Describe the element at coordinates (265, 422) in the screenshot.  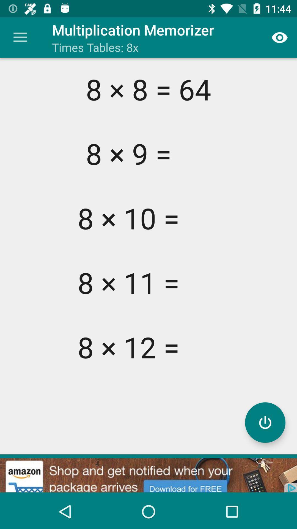
I see `the power icon` at that location.